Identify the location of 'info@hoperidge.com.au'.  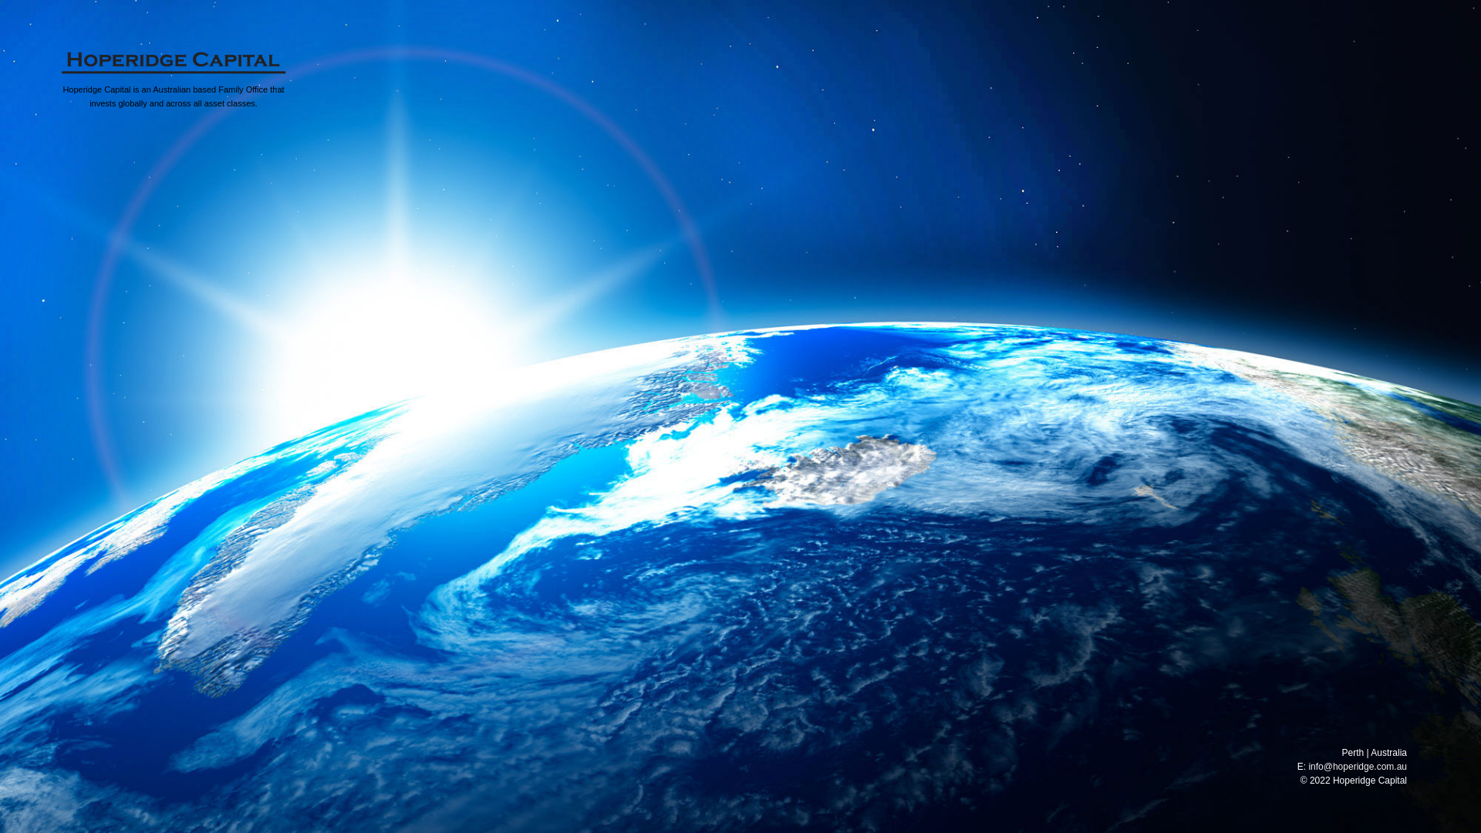
(1358, 767).